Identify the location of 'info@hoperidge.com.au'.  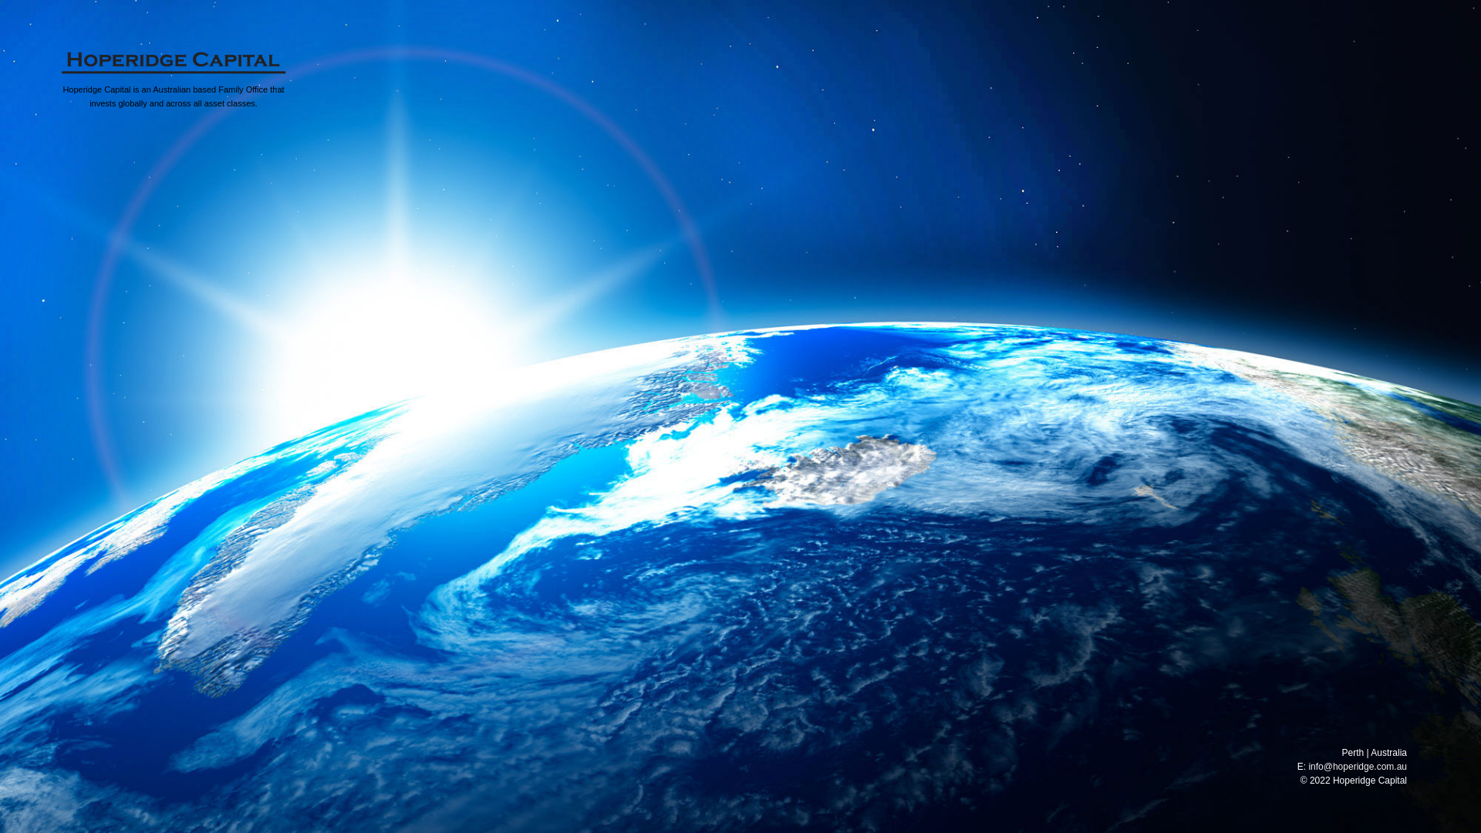
(1358, 767).